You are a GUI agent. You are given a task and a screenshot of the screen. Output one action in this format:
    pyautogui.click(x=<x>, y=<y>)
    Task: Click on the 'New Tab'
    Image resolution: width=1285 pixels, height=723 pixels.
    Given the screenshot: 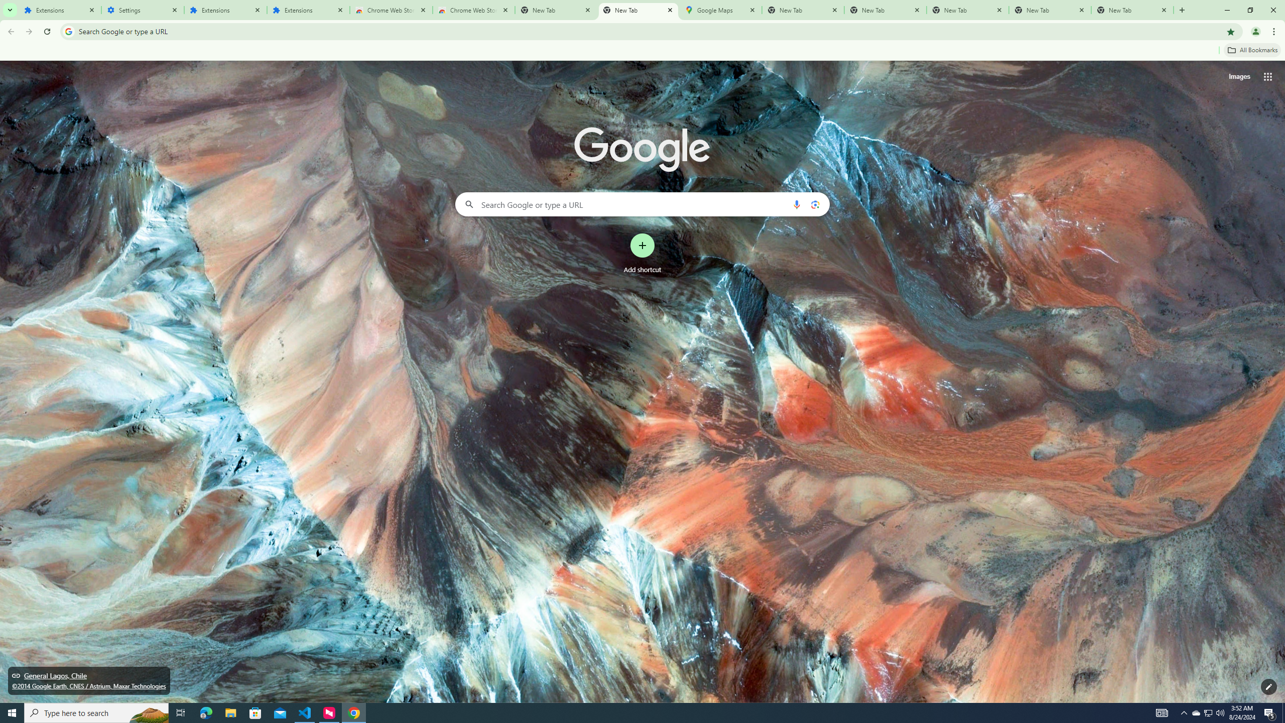 What is the action you would take?
    pyautogui.click(x=1132, y=10)
    